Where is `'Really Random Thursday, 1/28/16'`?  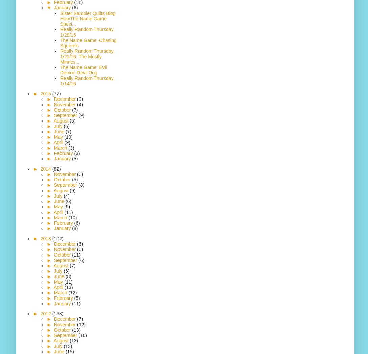 'Really Random Thursday, 1/28/16' is located at coordinates (87, 32).